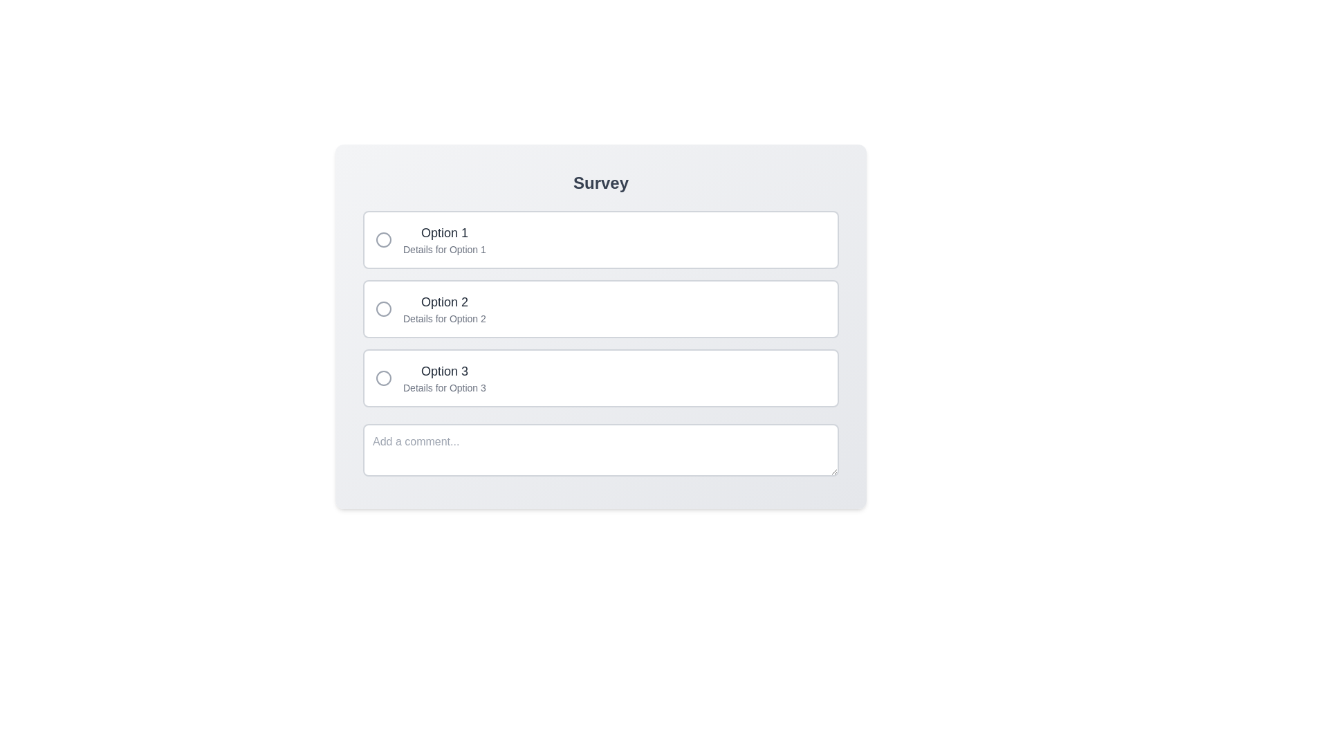  What do you see at coordinates (384, 239) in the screenshot?
I see `the radio button (circle indicator) in the first option row of the survey form directly beneath the title 'Survey'` at bounding box center [384, 239].